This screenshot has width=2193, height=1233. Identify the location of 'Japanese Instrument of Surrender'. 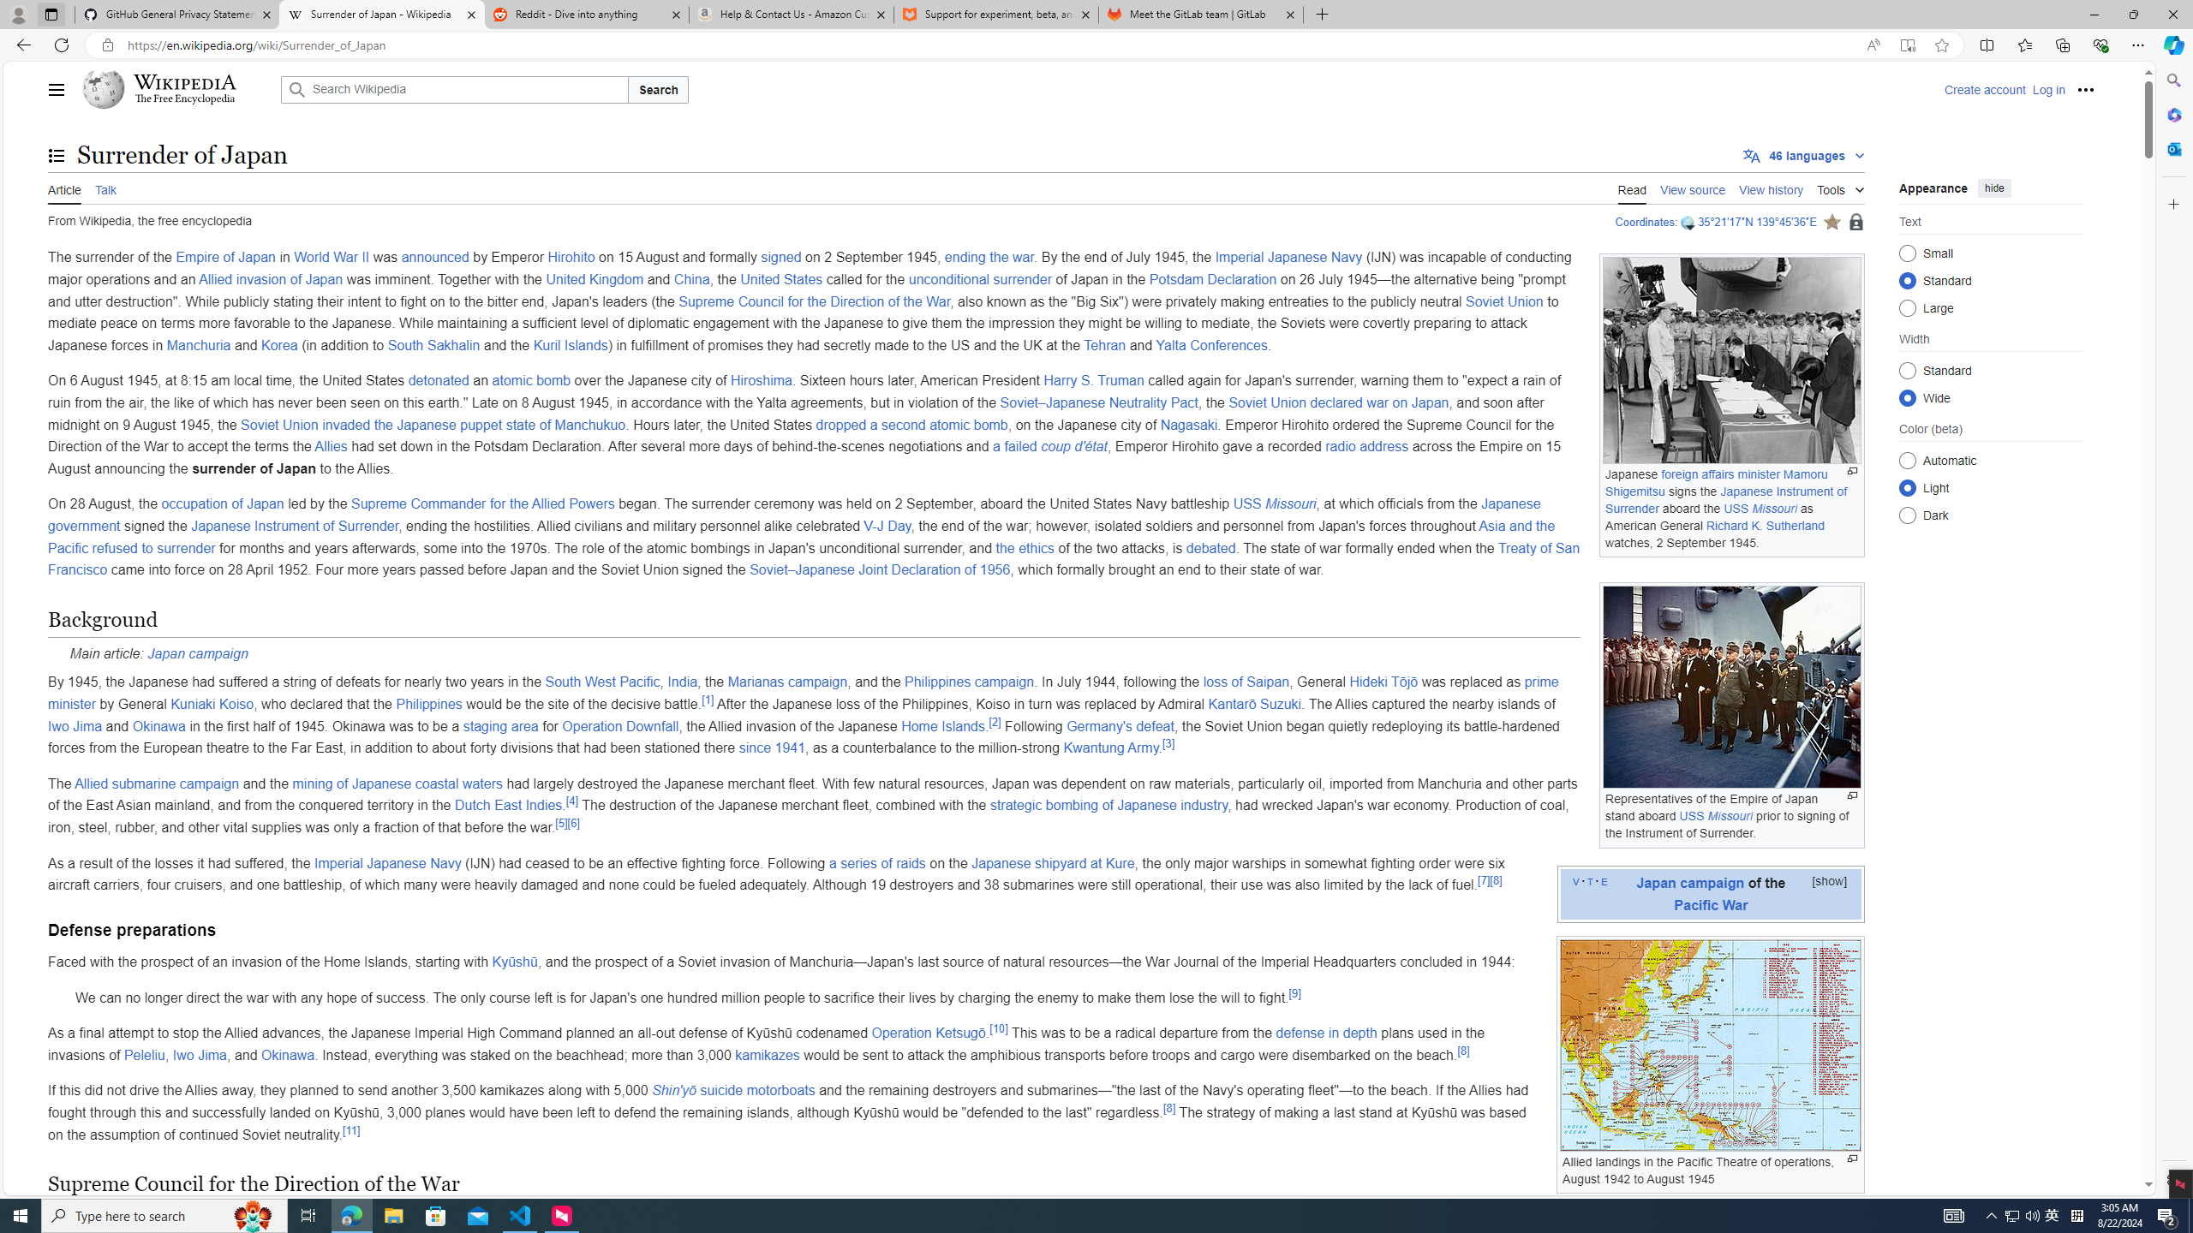
(294, 525).